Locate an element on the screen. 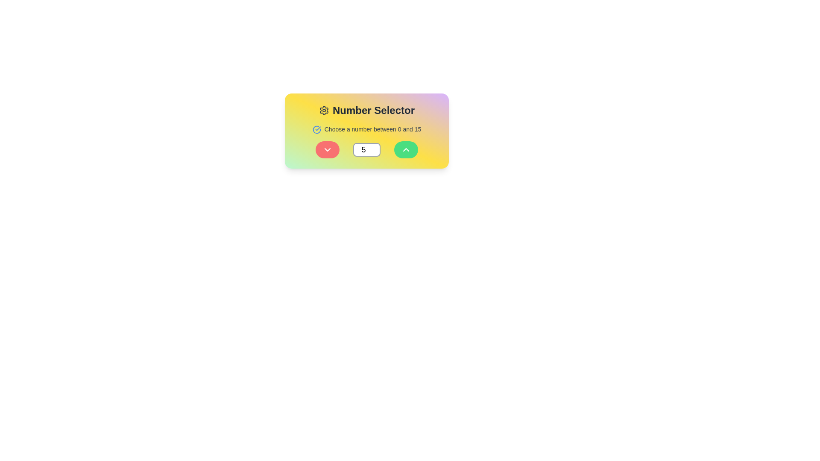 The width and height of the screenshot is (820, 461). the informational text label that provides guidance on the range of numbers for the input field and buttons, positioned beneath the title 'Number Selector' is located at coordinates (367, 129).